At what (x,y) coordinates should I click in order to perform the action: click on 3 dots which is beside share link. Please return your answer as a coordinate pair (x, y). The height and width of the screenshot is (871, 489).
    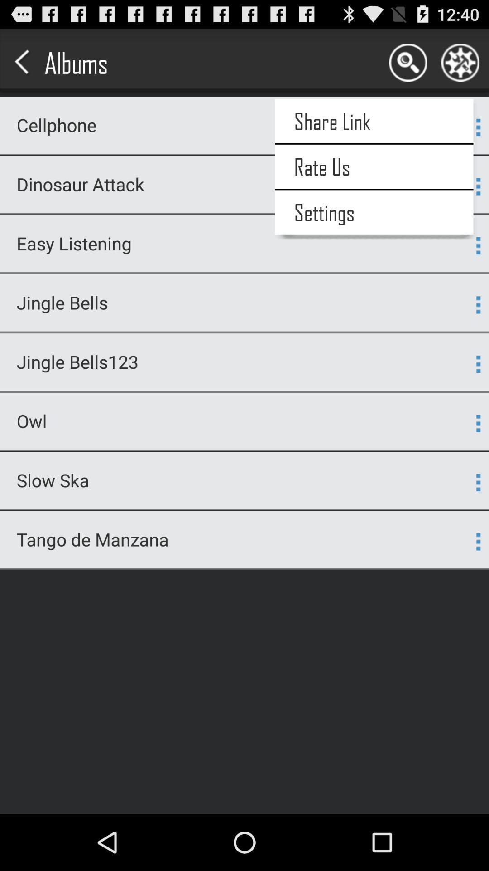
    Looking at the image, I should click on (478, 127).